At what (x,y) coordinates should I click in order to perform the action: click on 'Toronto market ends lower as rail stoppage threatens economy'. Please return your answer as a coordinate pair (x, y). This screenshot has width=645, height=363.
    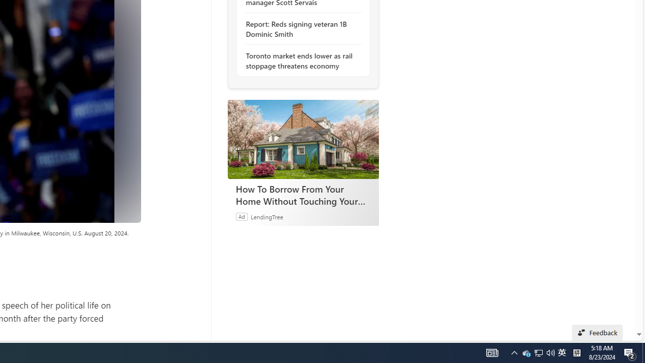
    Looking at the image, I should click on (300, 60).